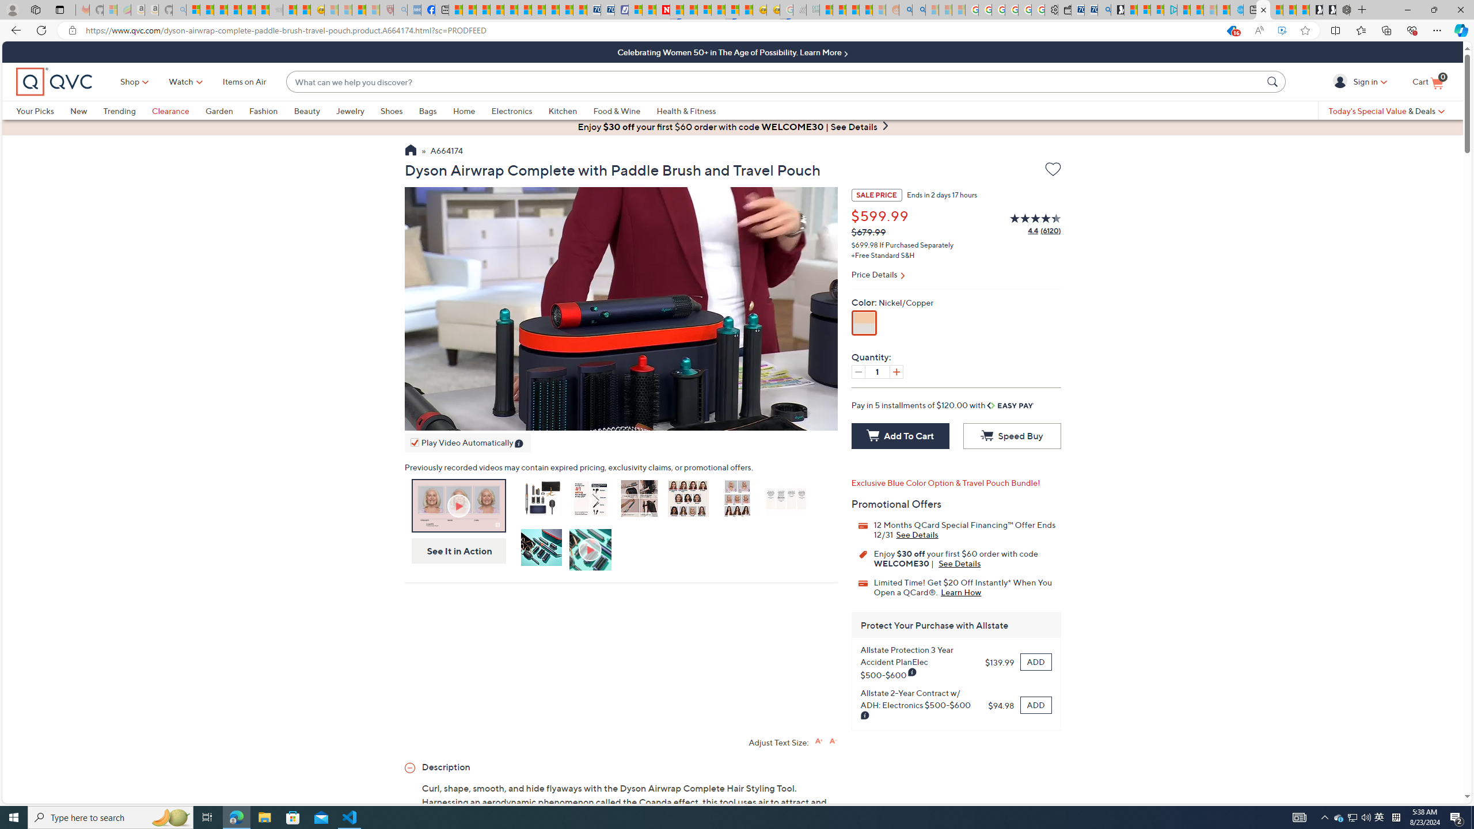 The height and width of the screenshot is (829, 1474). Describe the element at coordinates (306, 110) in the screenshot. I see `'Beauty'` at that location.